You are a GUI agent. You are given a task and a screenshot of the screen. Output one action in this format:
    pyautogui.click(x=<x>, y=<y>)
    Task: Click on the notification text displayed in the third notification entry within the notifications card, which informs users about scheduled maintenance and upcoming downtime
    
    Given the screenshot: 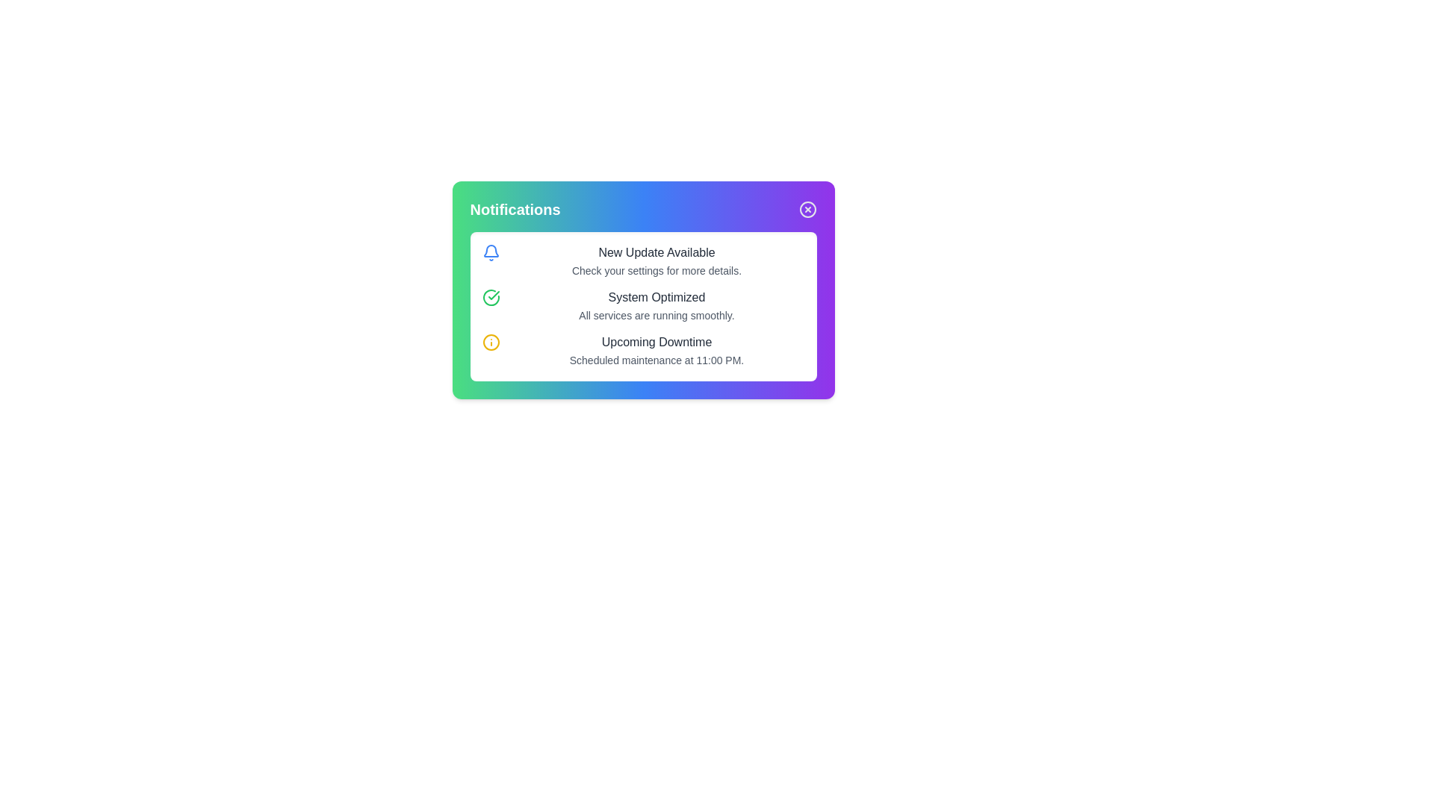 What is the action you would take?
    pyautogui.click(x=657, y=351)
    